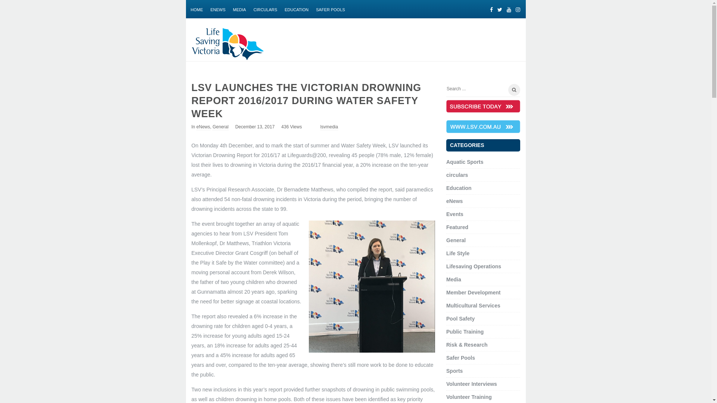  What do you see at coordinates (454, 214) in the screenshot?
I see `'Events'` at bounding box center [454, 214].